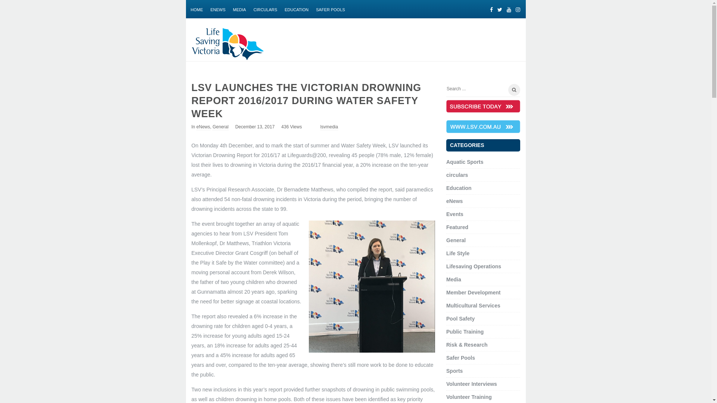  What do you see at coordinates (454, 214) in the screenshot?
I see `'Events'` at bounding box center [454, 214].